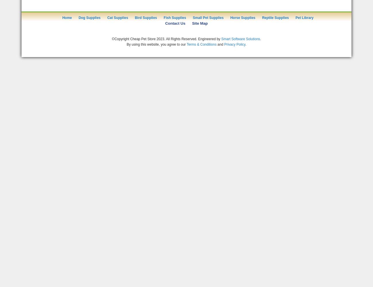  What do you see at coordinates (201, 44) in the screenshot?
I see `'Terms & Conditions'` at bounding box center [201, 44].